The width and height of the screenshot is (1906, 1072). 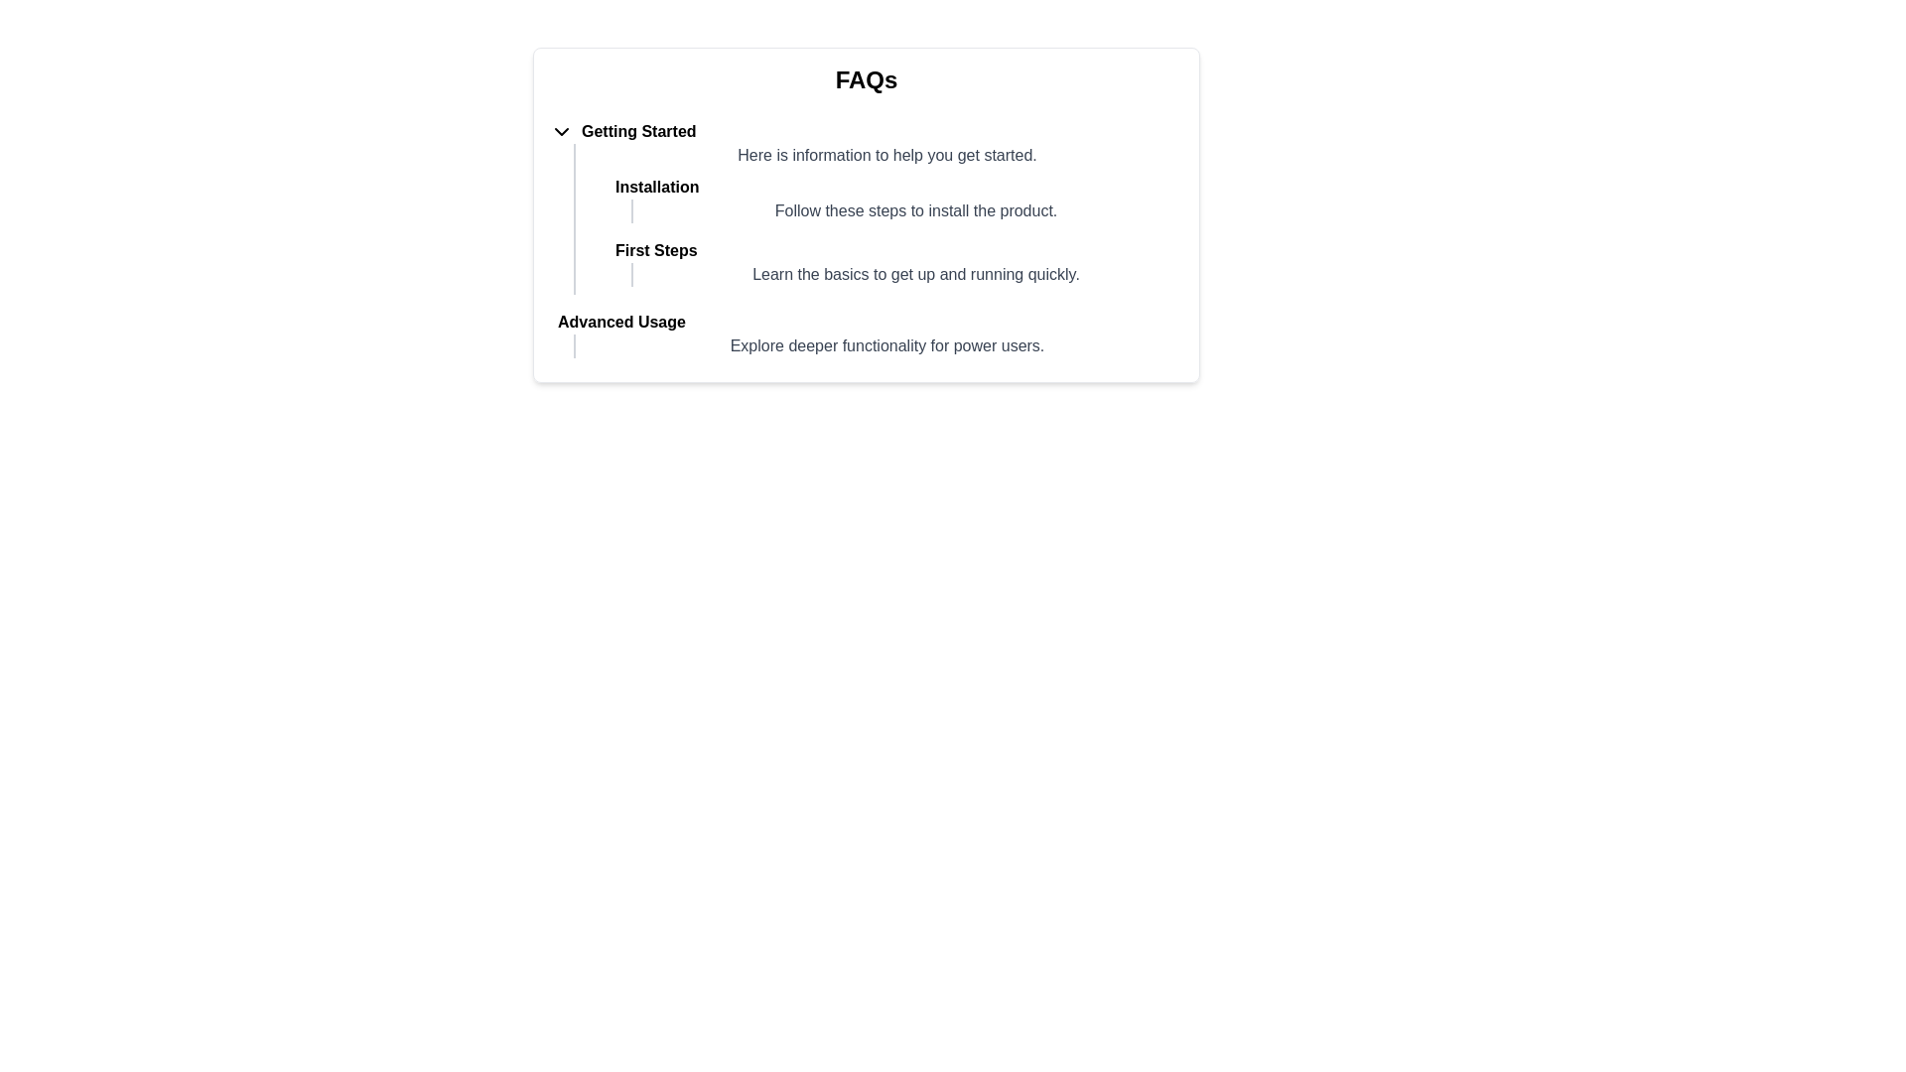 What do you see at coordinates (885, 199) in the screenshot?
I see `text content of the 'Installation' Text Block, which contains a bolded heading labeled 'Installation' followed by the descriptive text 'Follow these steps to install the product.'` at bounding box center [885, 199].